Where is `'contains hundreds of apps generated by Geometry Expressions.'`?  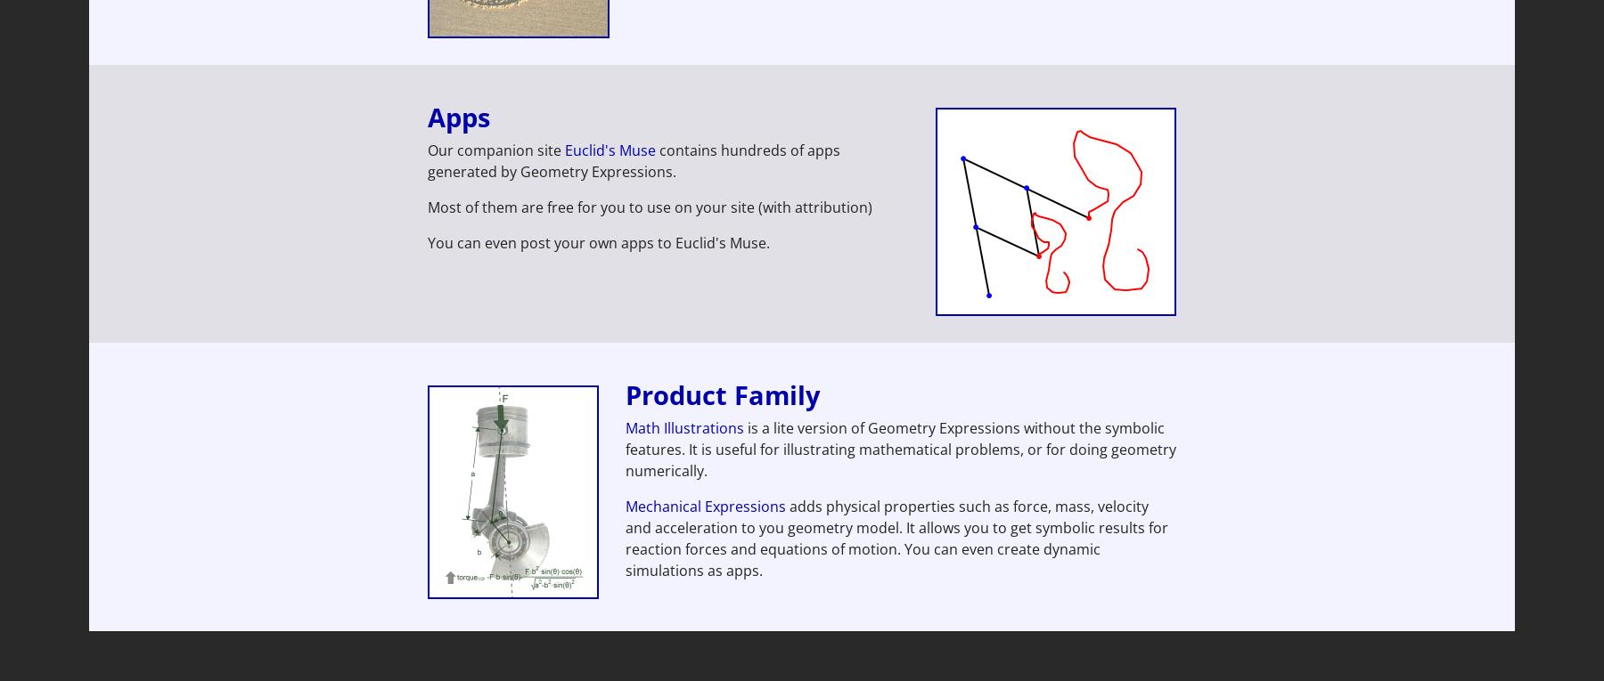
'contains hundreds of apps generated by Geometry Expressions.' is located at coordinates (427, 159).